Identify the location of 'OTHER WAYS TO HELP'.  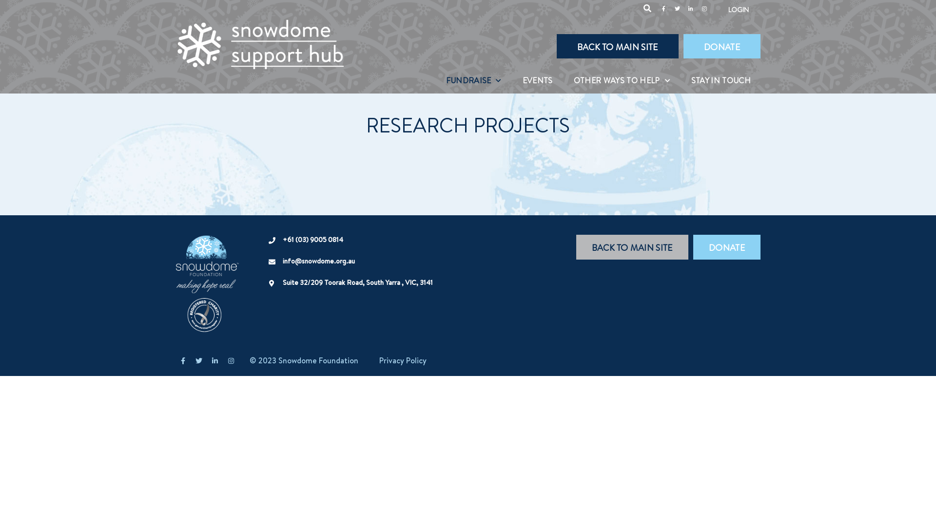
(564, 80).